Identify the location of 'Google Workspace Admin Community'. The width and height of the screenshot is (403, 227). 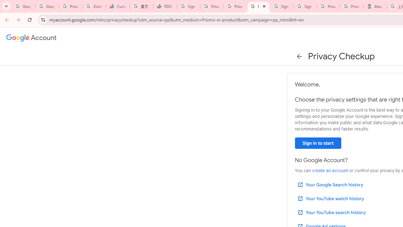
(23, 6).